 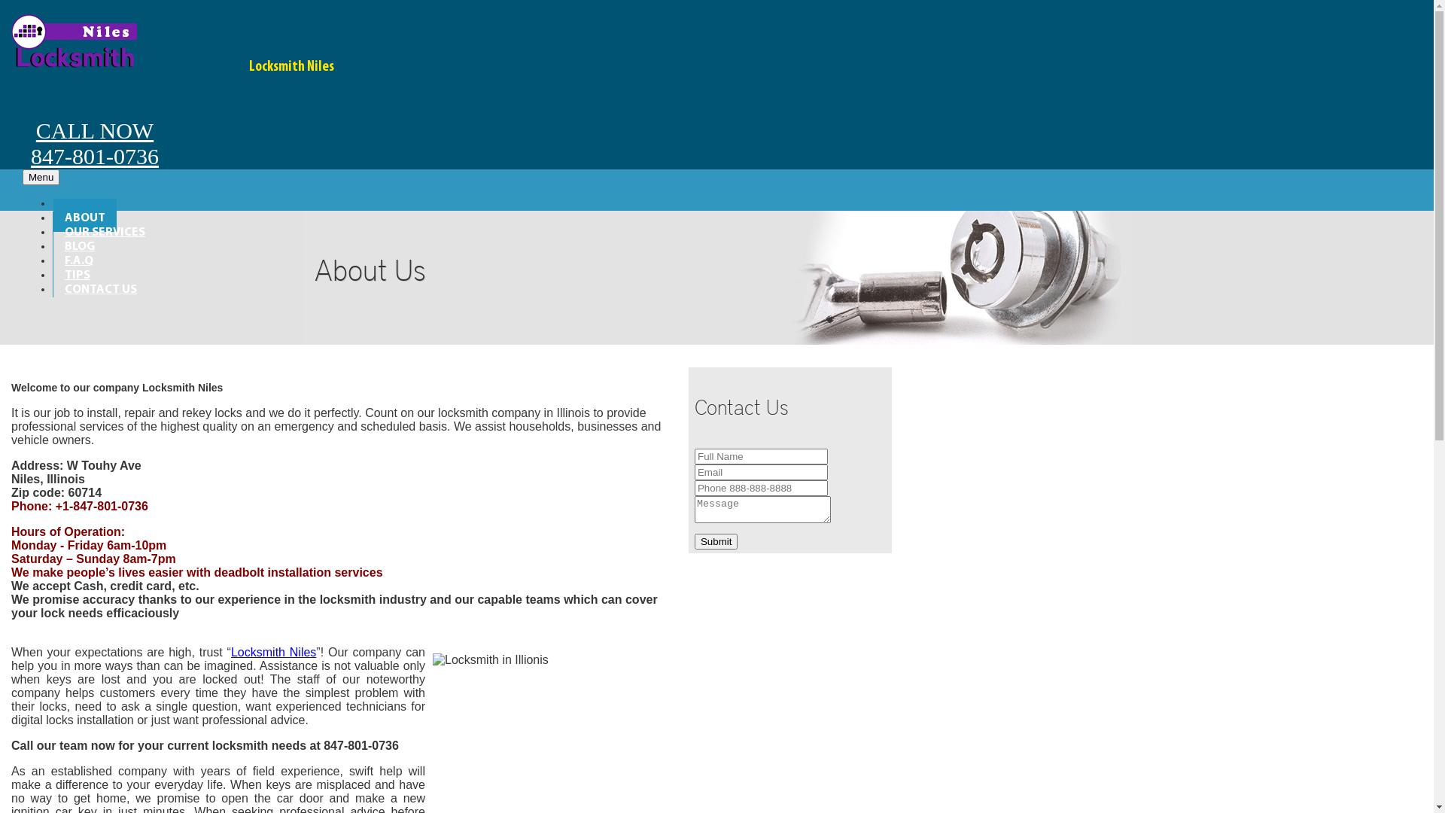 I want to click on 'F.A.Q', so click(x=78, y=257).